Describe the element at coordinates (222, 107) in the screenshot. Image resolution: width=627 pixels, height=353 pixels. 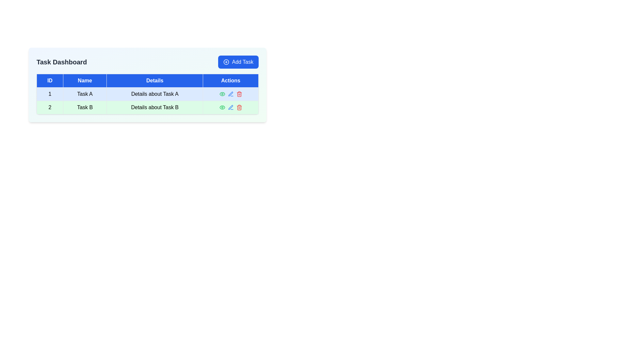
I see `the small green eye icon in the 'Actions' column of the second row of the table` at that location.